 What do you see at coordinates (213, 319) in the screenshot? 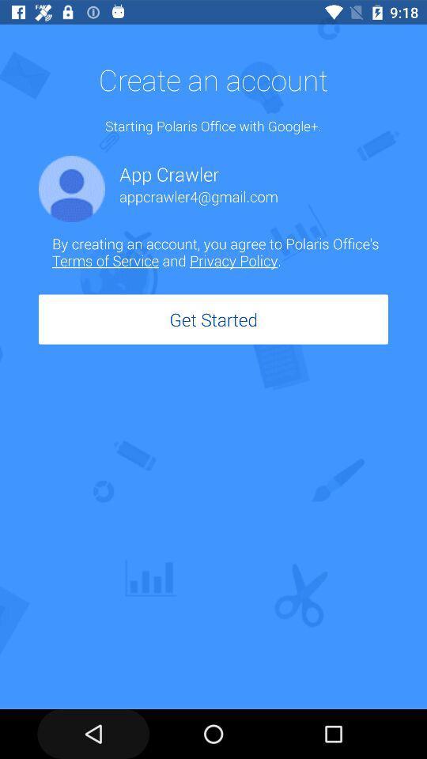
I see `the icon below the by creating an` at bounding box center [213, 319].